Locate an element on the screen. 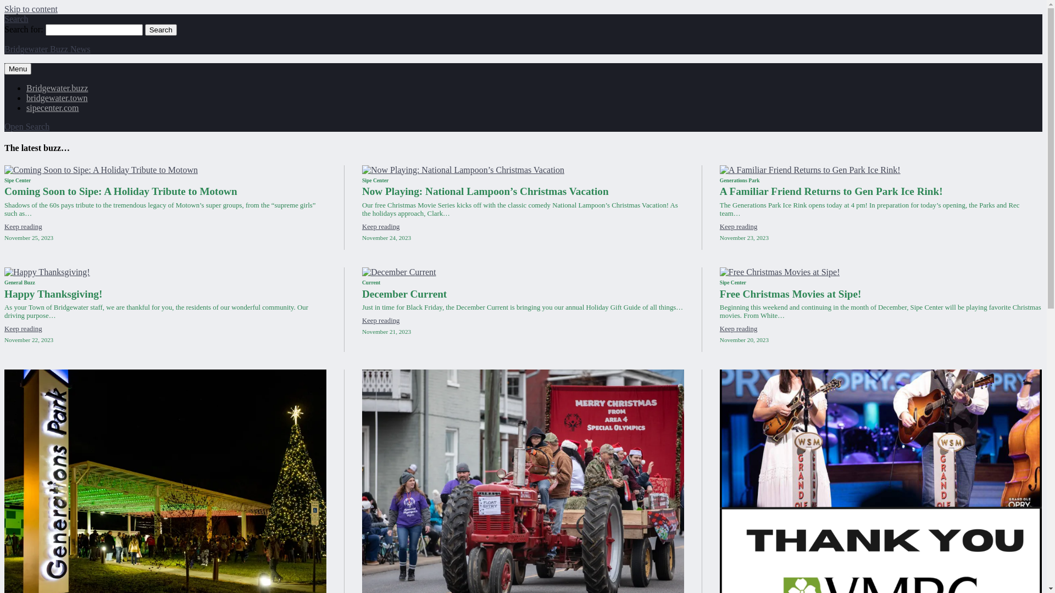  'bridgewater.town' is located at coordinates (57, 97).